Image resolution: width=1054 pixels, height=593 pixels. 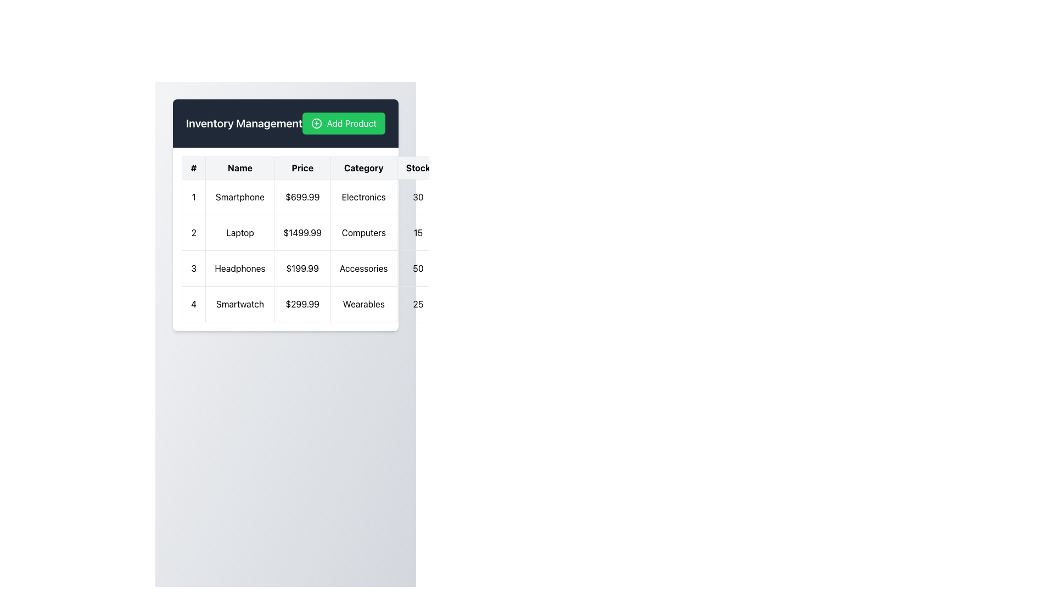 What do you see at coordinates (316, 123) in the screenshot?
I see `the icon within the 'Add Product' button, which is located in the header section to the right of 'Inventory Management'` at bounding box center [316, 123].